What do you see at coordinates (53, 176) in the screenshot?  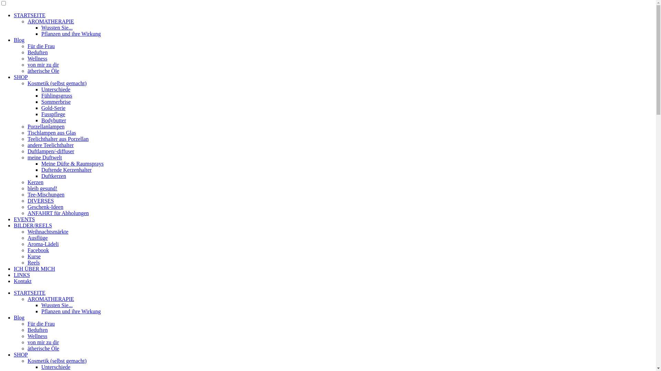 I see `'Duftkerzen'` at bounding box center [53, 176].